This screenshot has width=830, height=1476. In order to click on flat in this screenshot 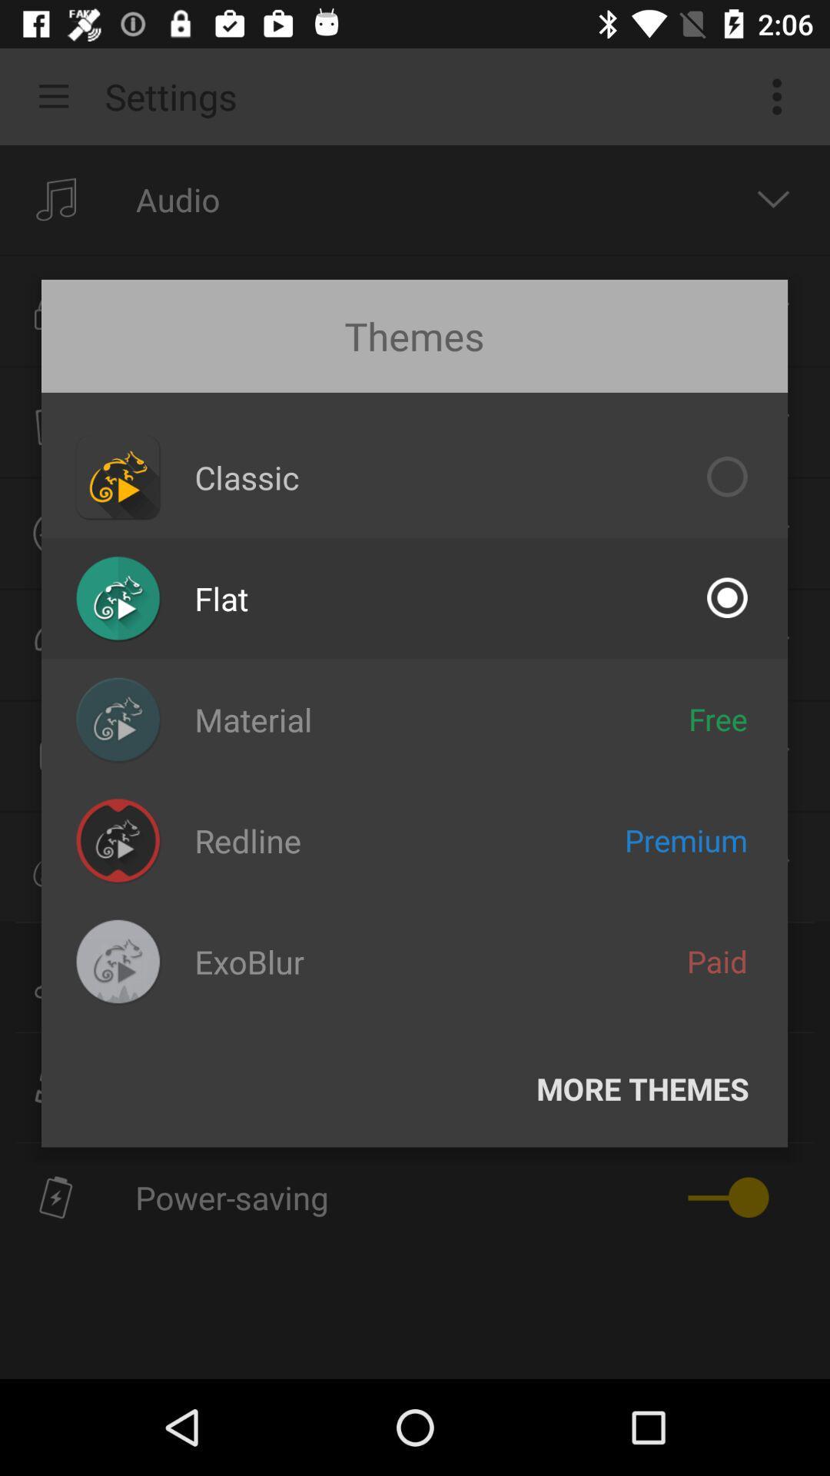, I will do `click(221, 597)`.